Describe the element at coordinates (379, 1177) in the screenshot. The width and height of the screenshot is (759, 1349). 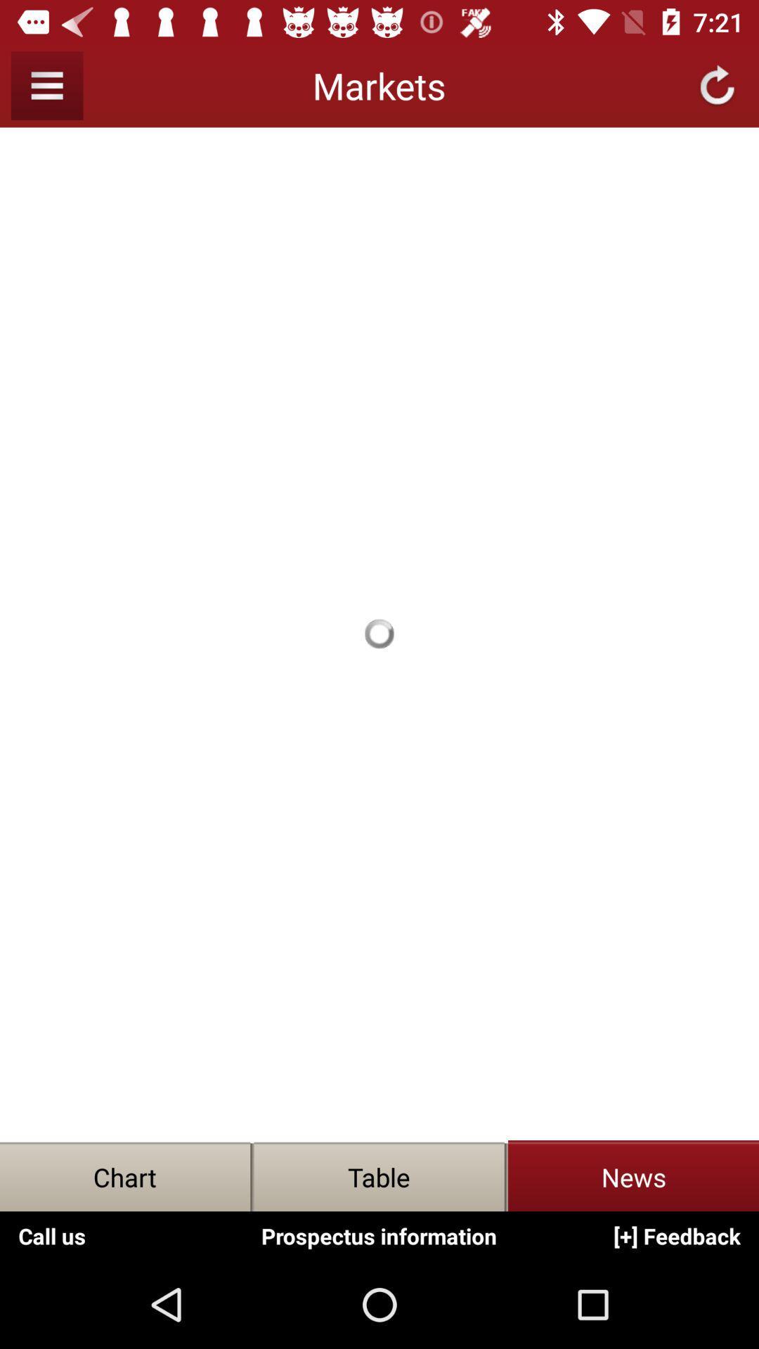
I see `the table option` at that location.